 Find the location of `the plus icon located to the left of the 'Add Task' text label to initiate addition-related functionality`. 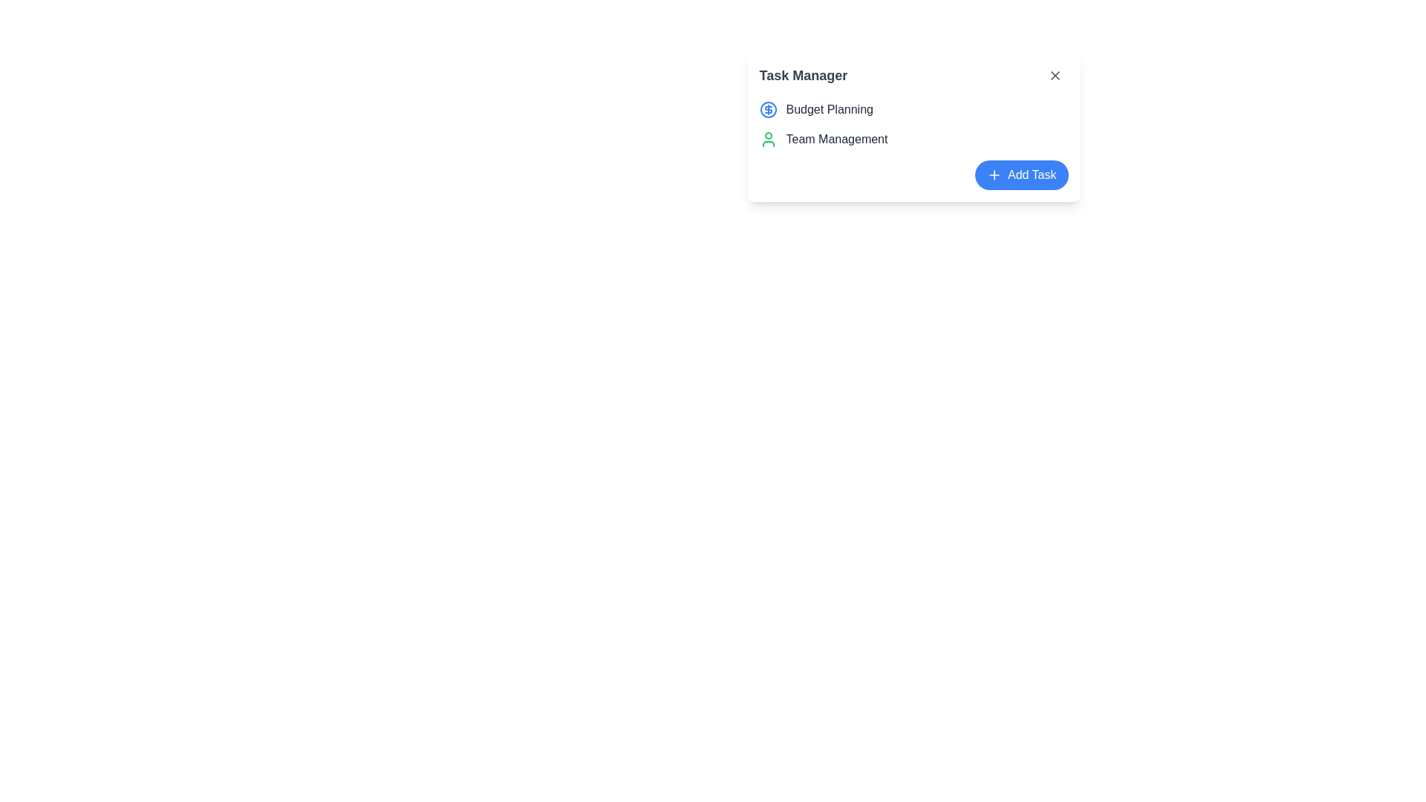

the plus icon located to the left of the 'Add Task' text label to initiate addition-related functionality is located at coordinates (994, 174).